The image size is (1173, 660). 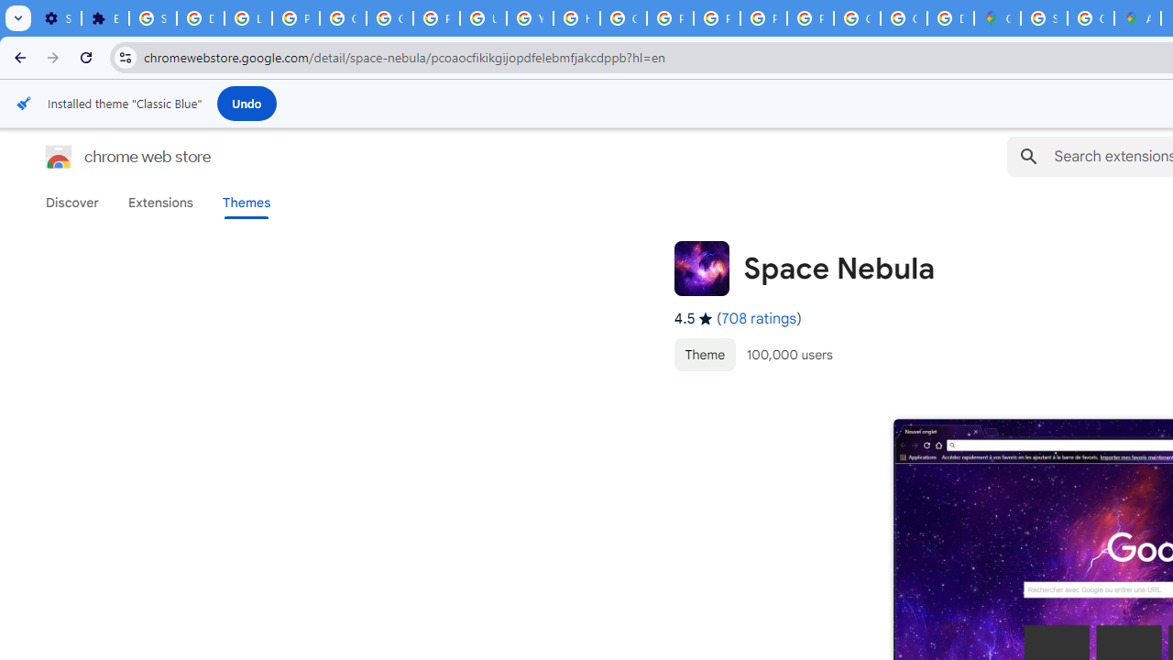 What do you see at coordinates (108, 156) in the screenshot?
I see `'Chrome Web Store logo chrome web store'` at bounding box center [108, 156].